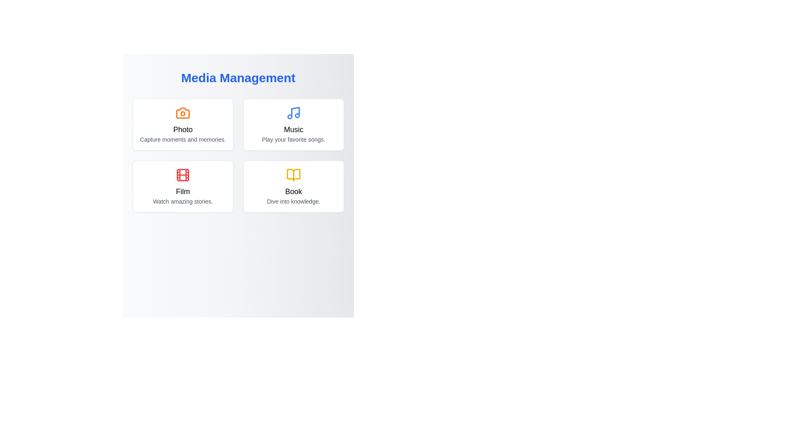 The height and width of the screenshot is (446, 793). I want to click on text label that displays the word 'Book', which is centrally positioned below a yellow book icon and above the text 'Dive into knowledge.', so click(293, 191).